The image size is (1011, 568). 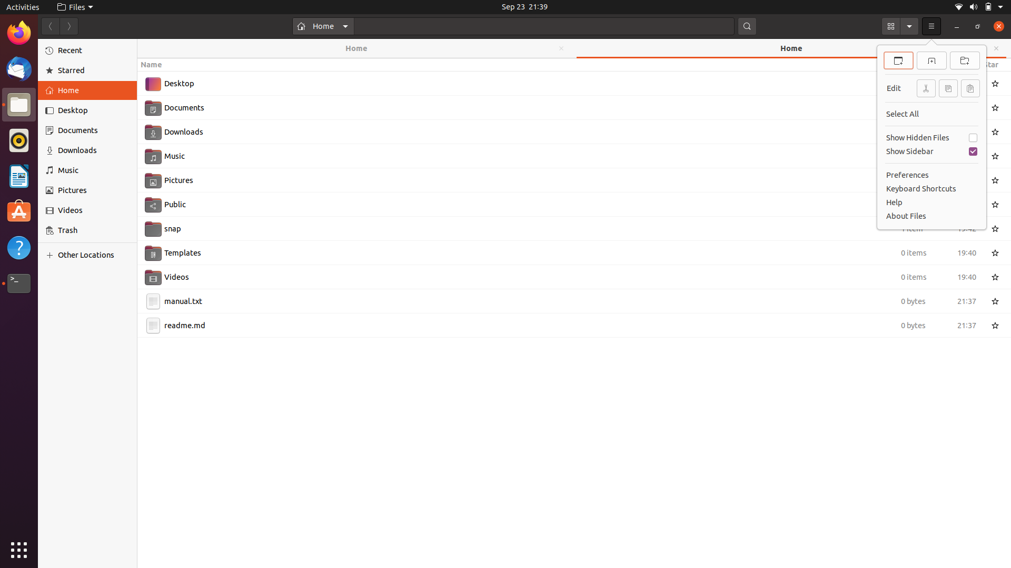 What do you see at coordinates (931, 26) in the screenshot?
I see `Highlight the first selection in the dropdown menu using keyboard` at bounding box center [931, 26].